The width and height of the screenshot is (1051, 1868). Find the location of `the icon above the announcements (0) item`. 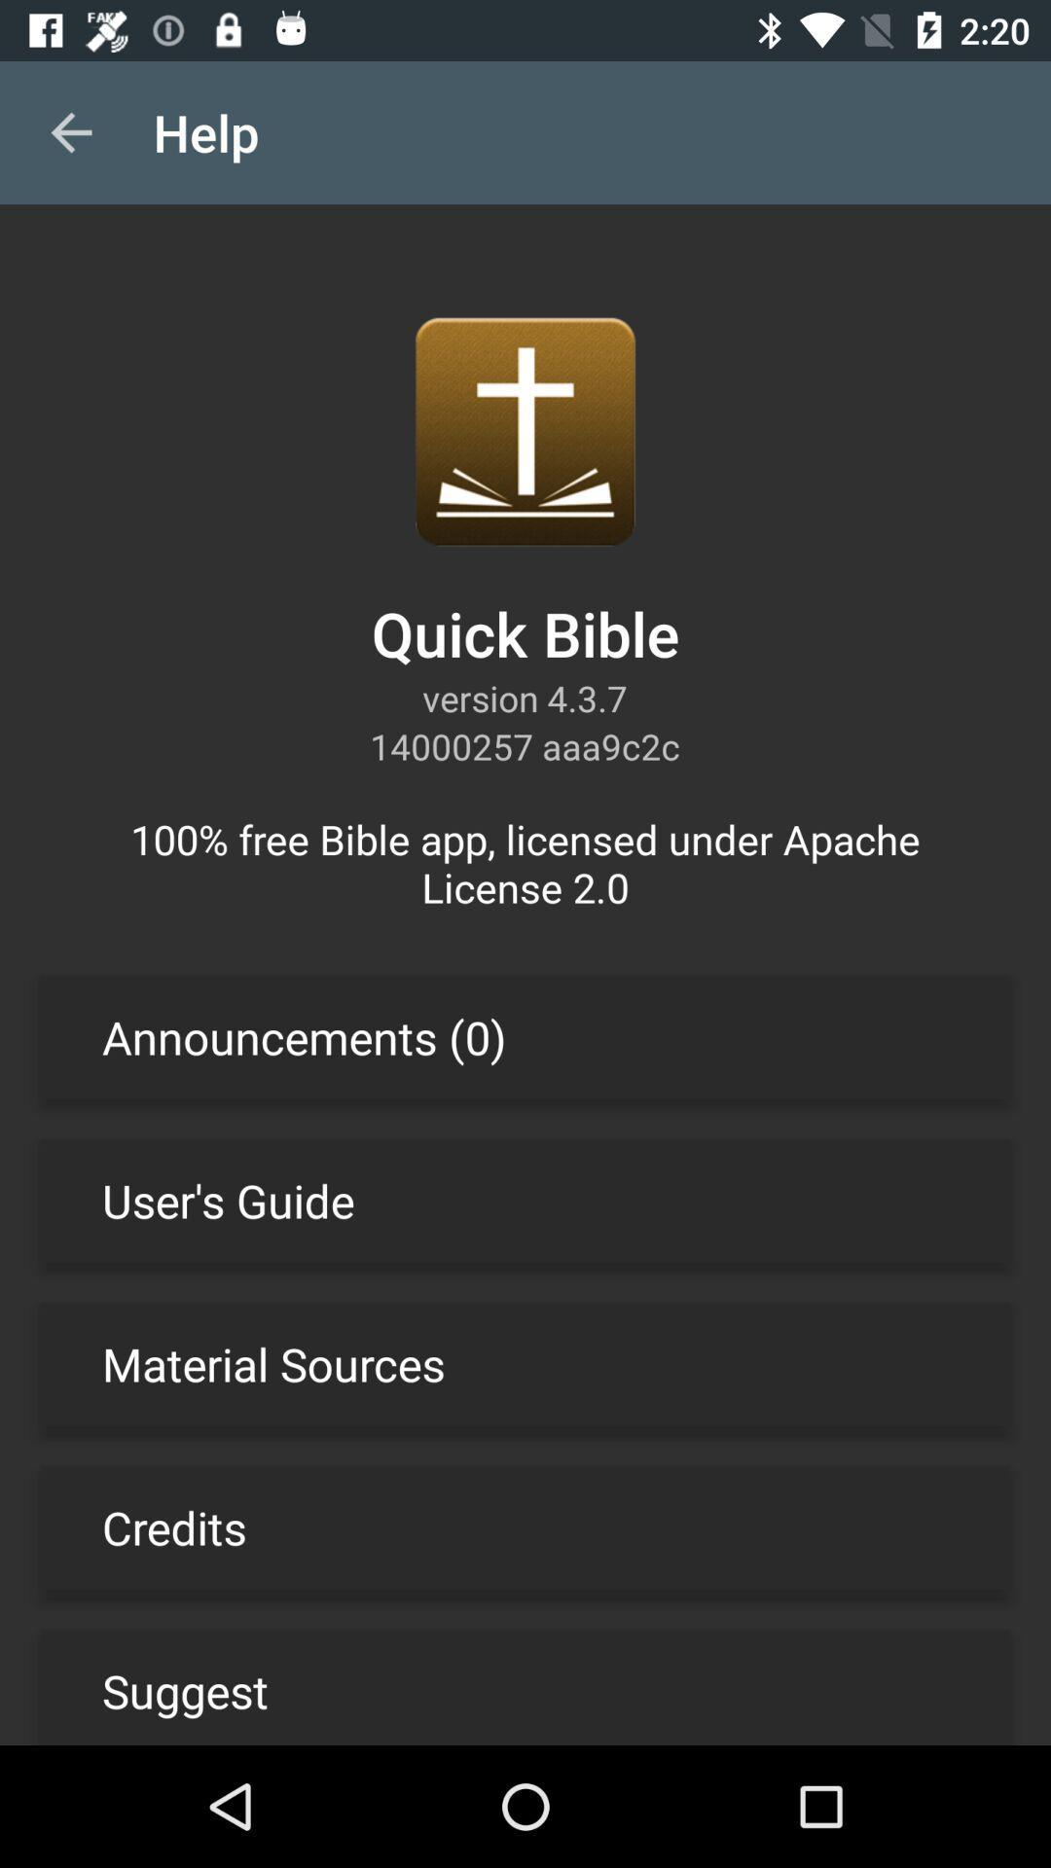

the icon above the announcements (0) item is located at coordinates (525, 862).